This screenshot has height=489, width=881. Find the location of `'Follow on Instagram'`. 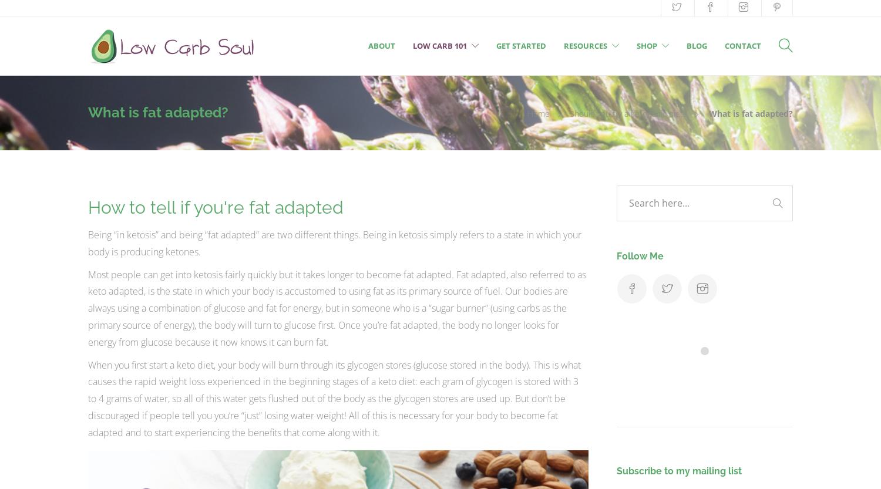

'Follow on Instagram' is located at coordinates (711, 372).